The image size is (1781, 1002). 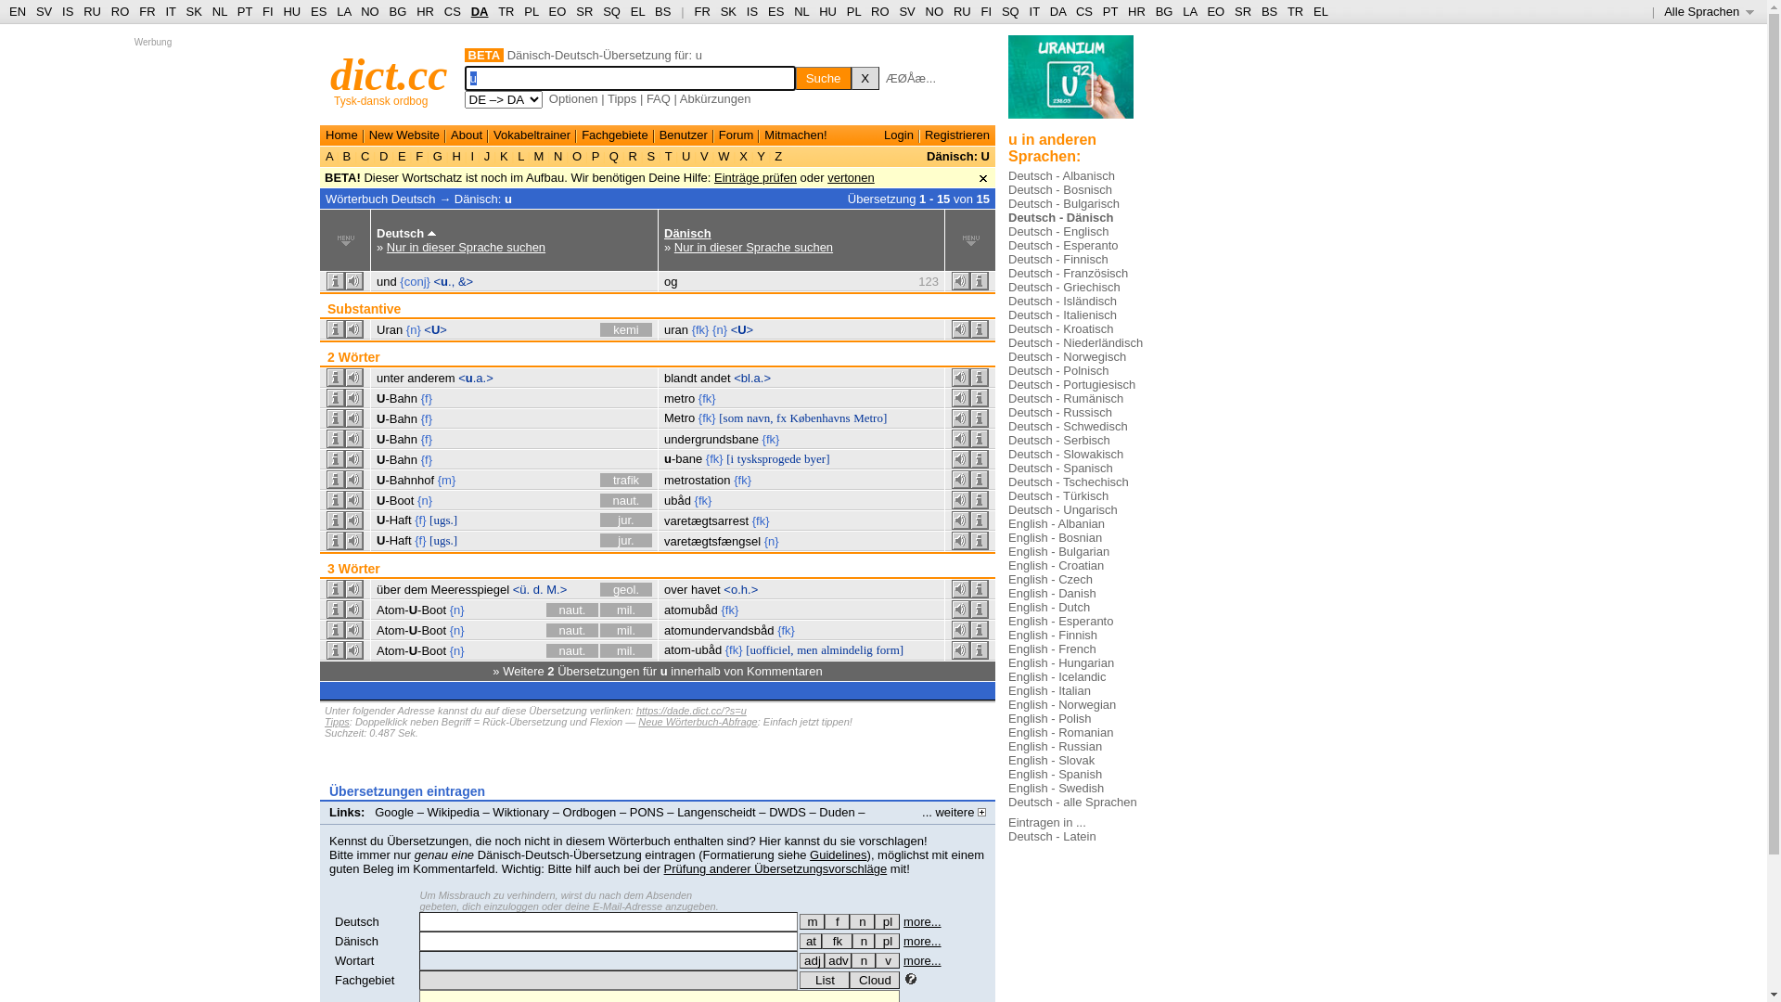 What do you see at coordinates (724, 155) in the screenshot?
I see `'W'` at bounding box center [724, 155].